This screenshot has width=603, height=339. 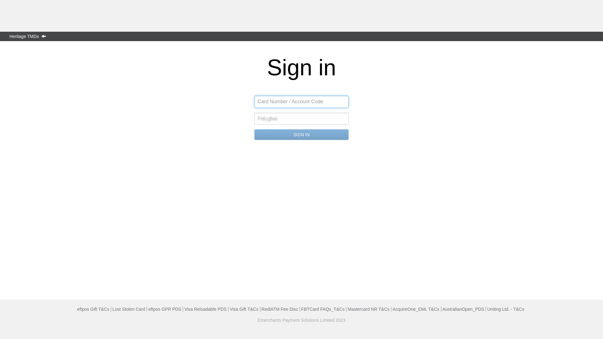 What do you see at coordinates (280, 309) in the screenshot?
I see `'RediATM Fee Disc'` at bounding box center [280, 309].